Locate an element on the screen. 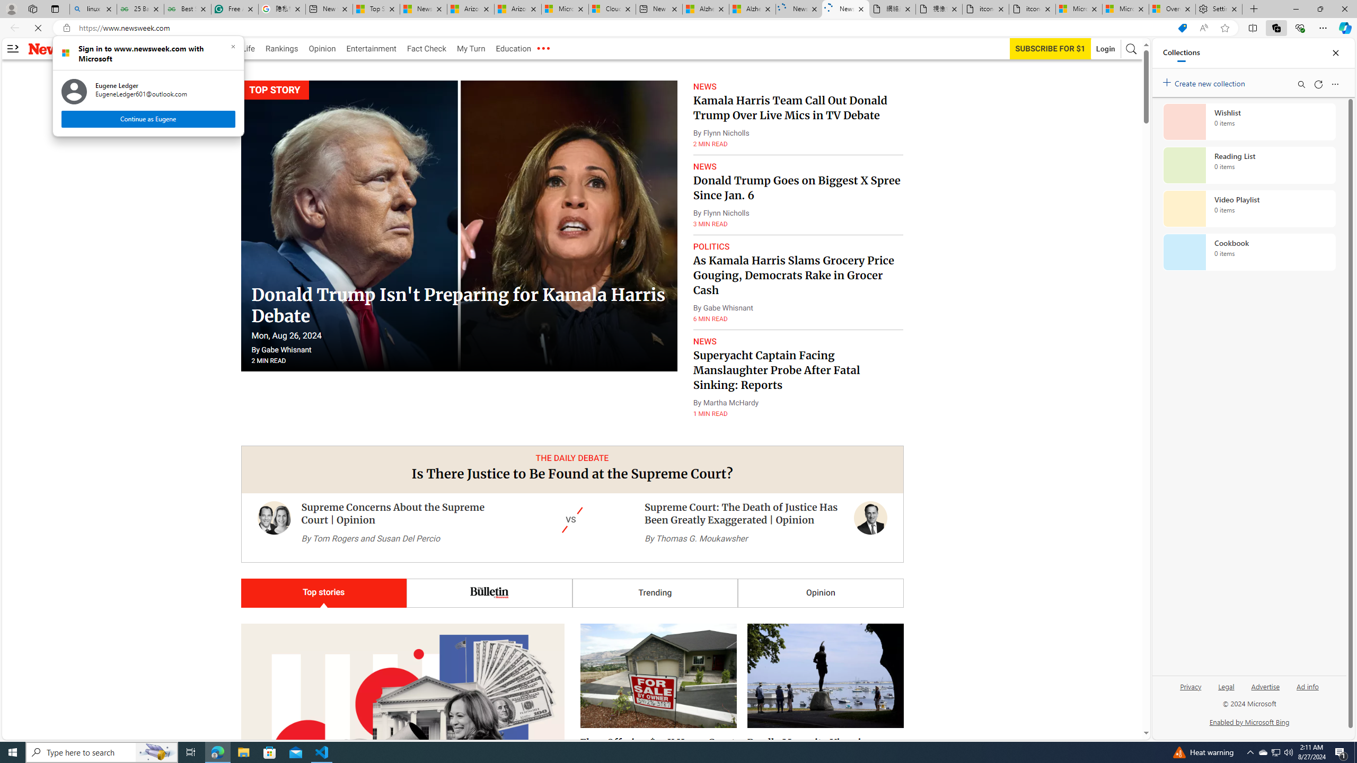 The width and height of the screenshot is (1357, 763). 'My Turn' is located at coordinates (471, 48).